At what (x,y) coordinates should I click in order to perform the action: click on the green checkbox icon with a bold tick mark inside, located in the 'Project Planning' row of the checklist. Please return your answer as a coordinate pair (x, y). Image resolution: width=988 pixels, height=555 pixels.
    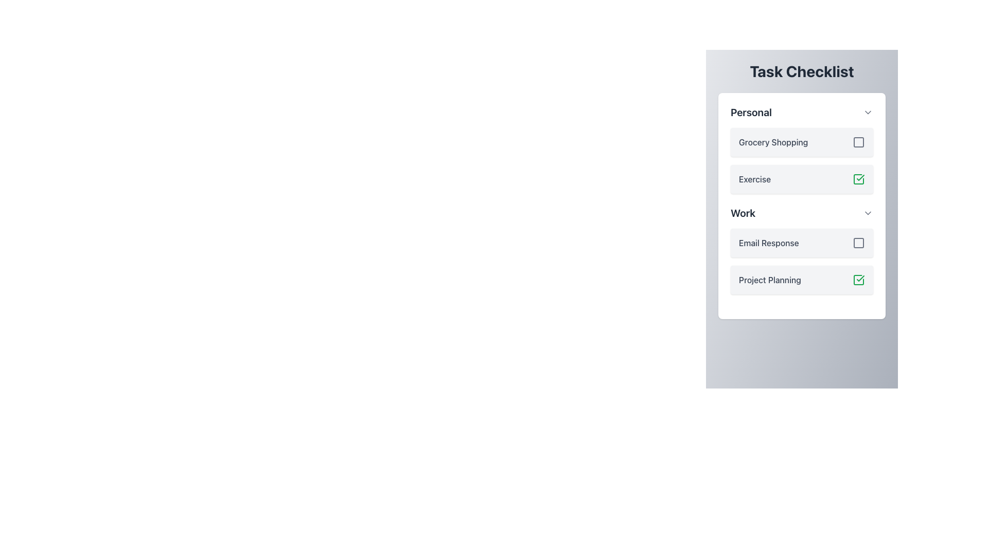
    Looking at the image, I should click on (859, 280).